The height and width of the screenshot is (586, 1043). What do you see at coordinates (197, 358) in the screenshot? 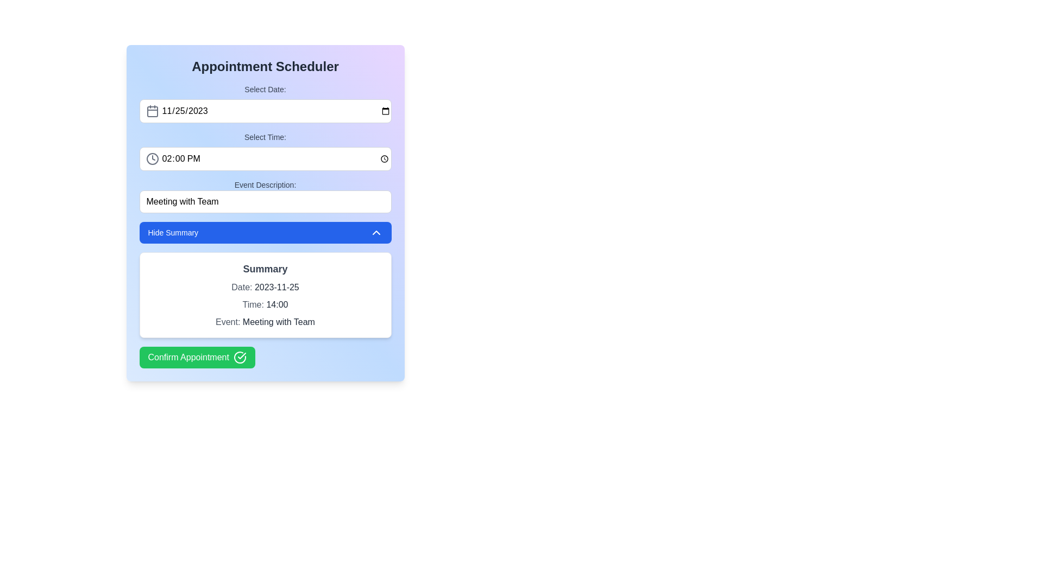
I see `the confirm appointment button located at the bottom of the appointment scheduling form, beneath the summary box, to finalize and save the appointment details` at bounding box center [197, 358].